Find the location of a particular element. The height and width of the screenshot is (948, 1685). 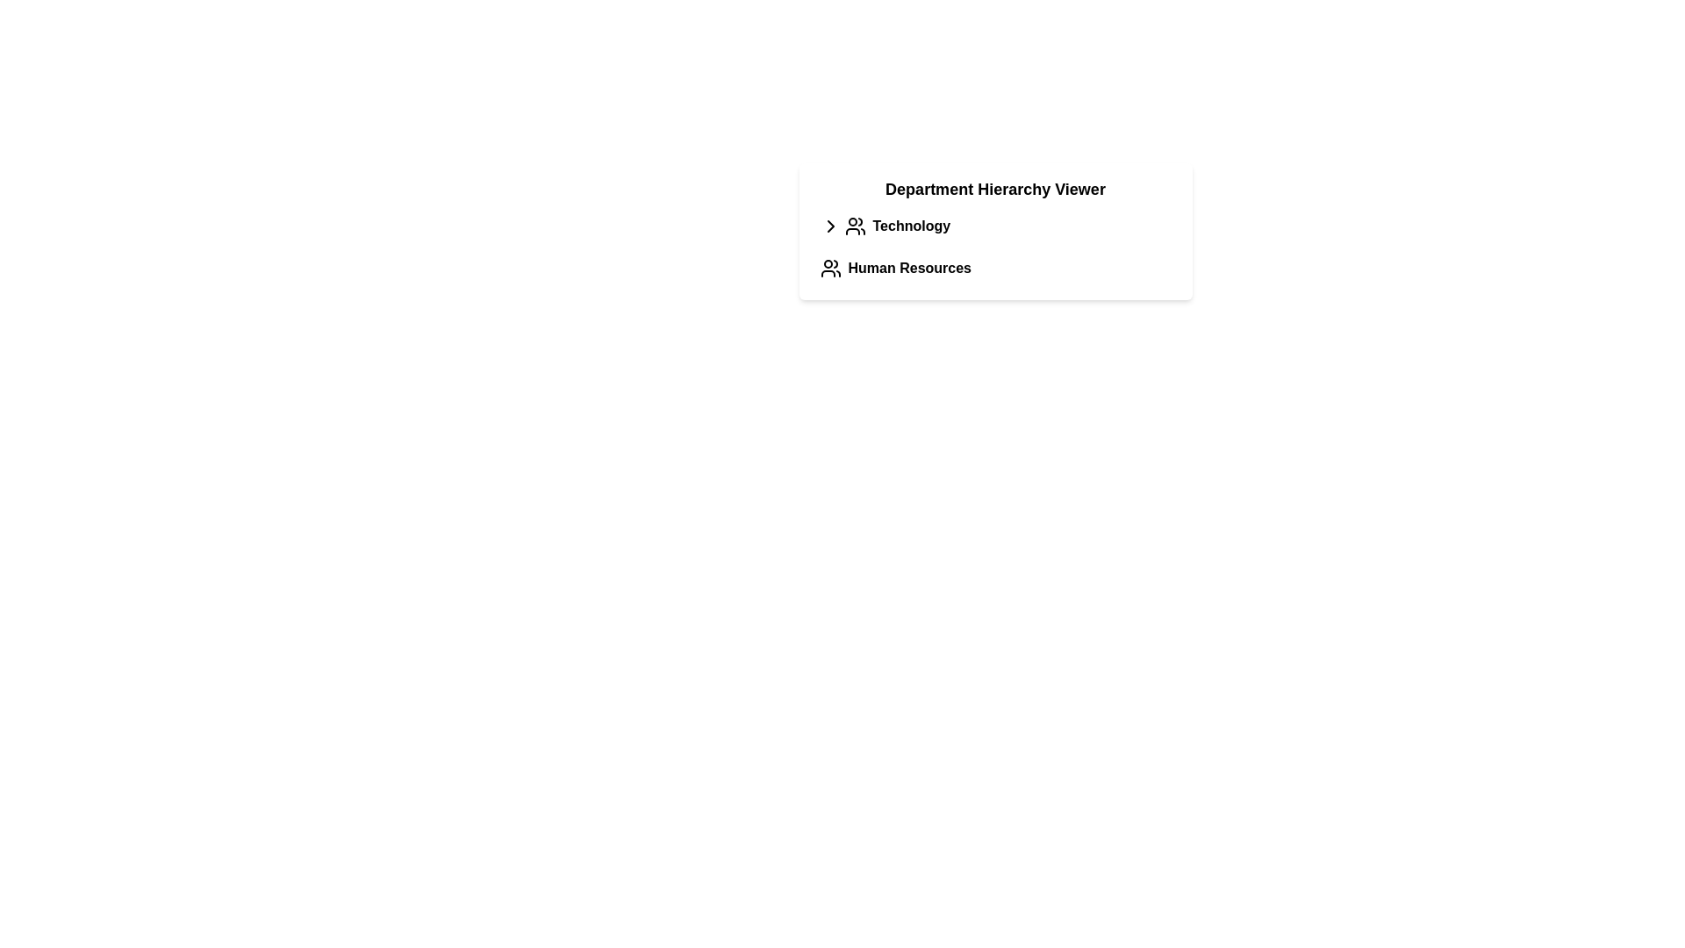

the icon depicting a group of users, located to the left of the text 'Human Resources' is located at coordinates (829, 268).